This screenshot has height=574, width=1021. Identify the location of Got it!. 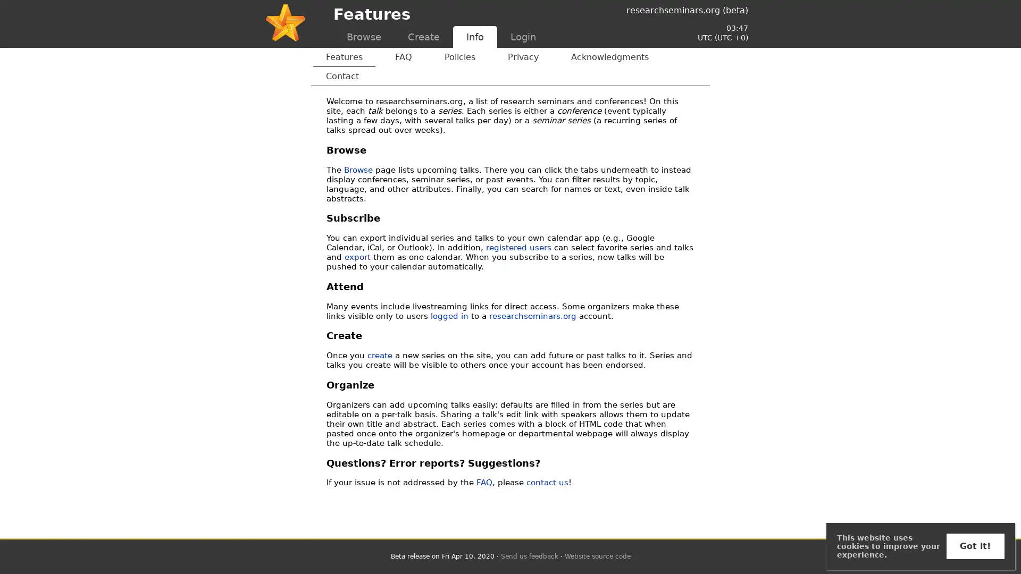
(975, 546).